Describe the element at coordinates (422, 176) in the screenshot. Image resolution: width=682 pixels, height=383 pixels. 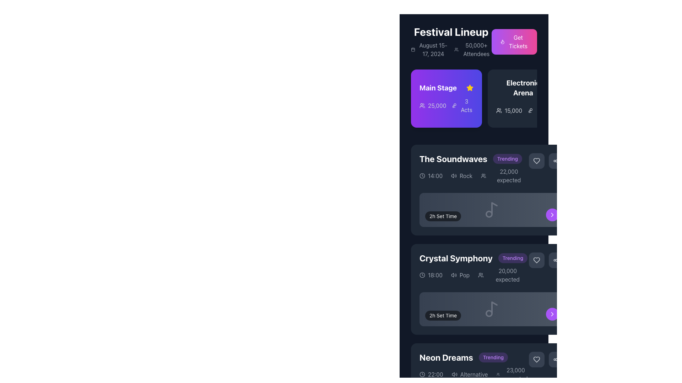
I see `the time icon located to the left of the label displaying '14:00' in the 'The Soundwaves' section of the main interface` at that location.